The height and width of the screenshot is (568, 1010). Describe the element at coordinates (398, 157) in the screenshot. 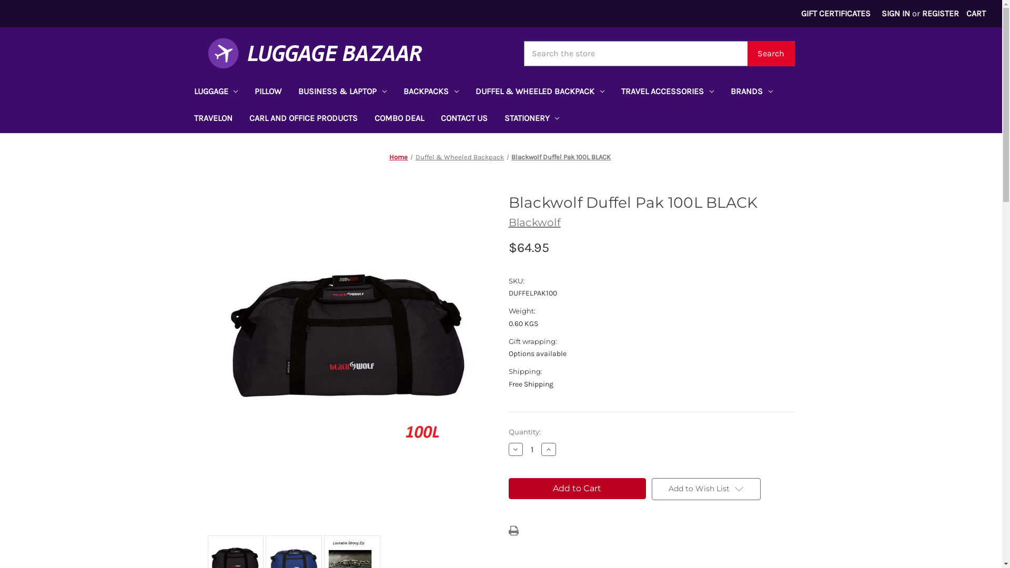

I see `'Home'` at that location.